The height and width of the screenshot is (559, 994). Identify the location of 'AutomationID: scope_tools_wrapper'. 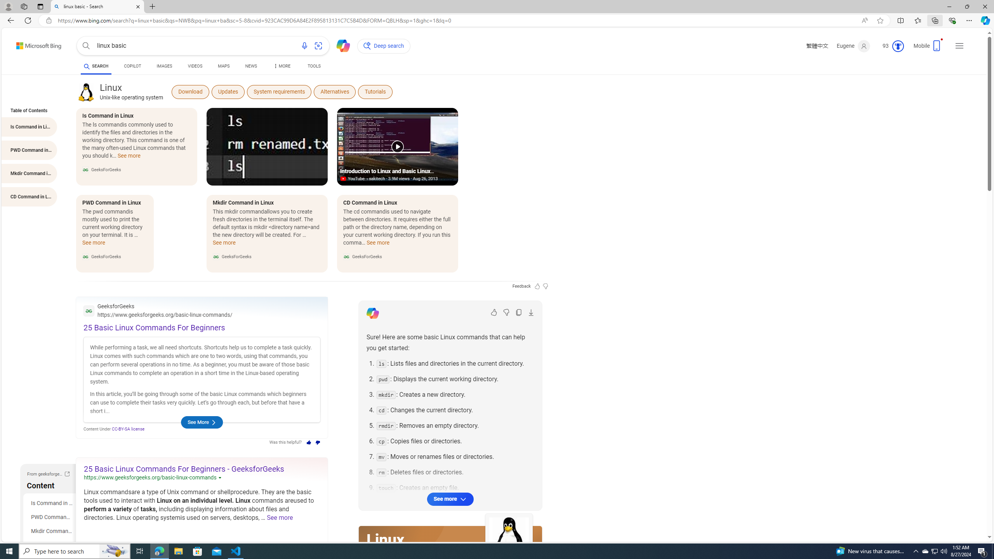
(315, 67).